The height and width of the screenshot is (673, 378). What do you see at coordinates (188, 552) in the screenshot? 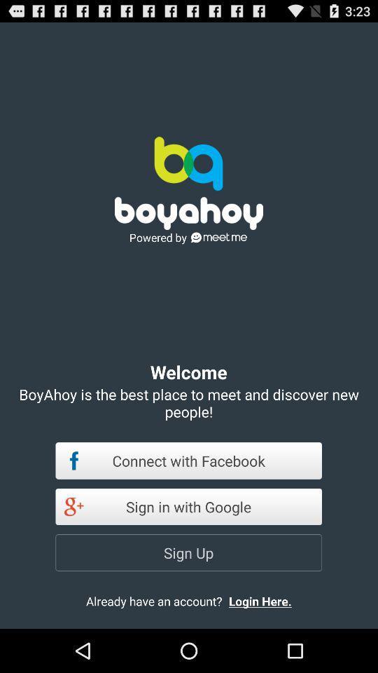
I see `app above the already have an app` at bounding box center [188, 552].